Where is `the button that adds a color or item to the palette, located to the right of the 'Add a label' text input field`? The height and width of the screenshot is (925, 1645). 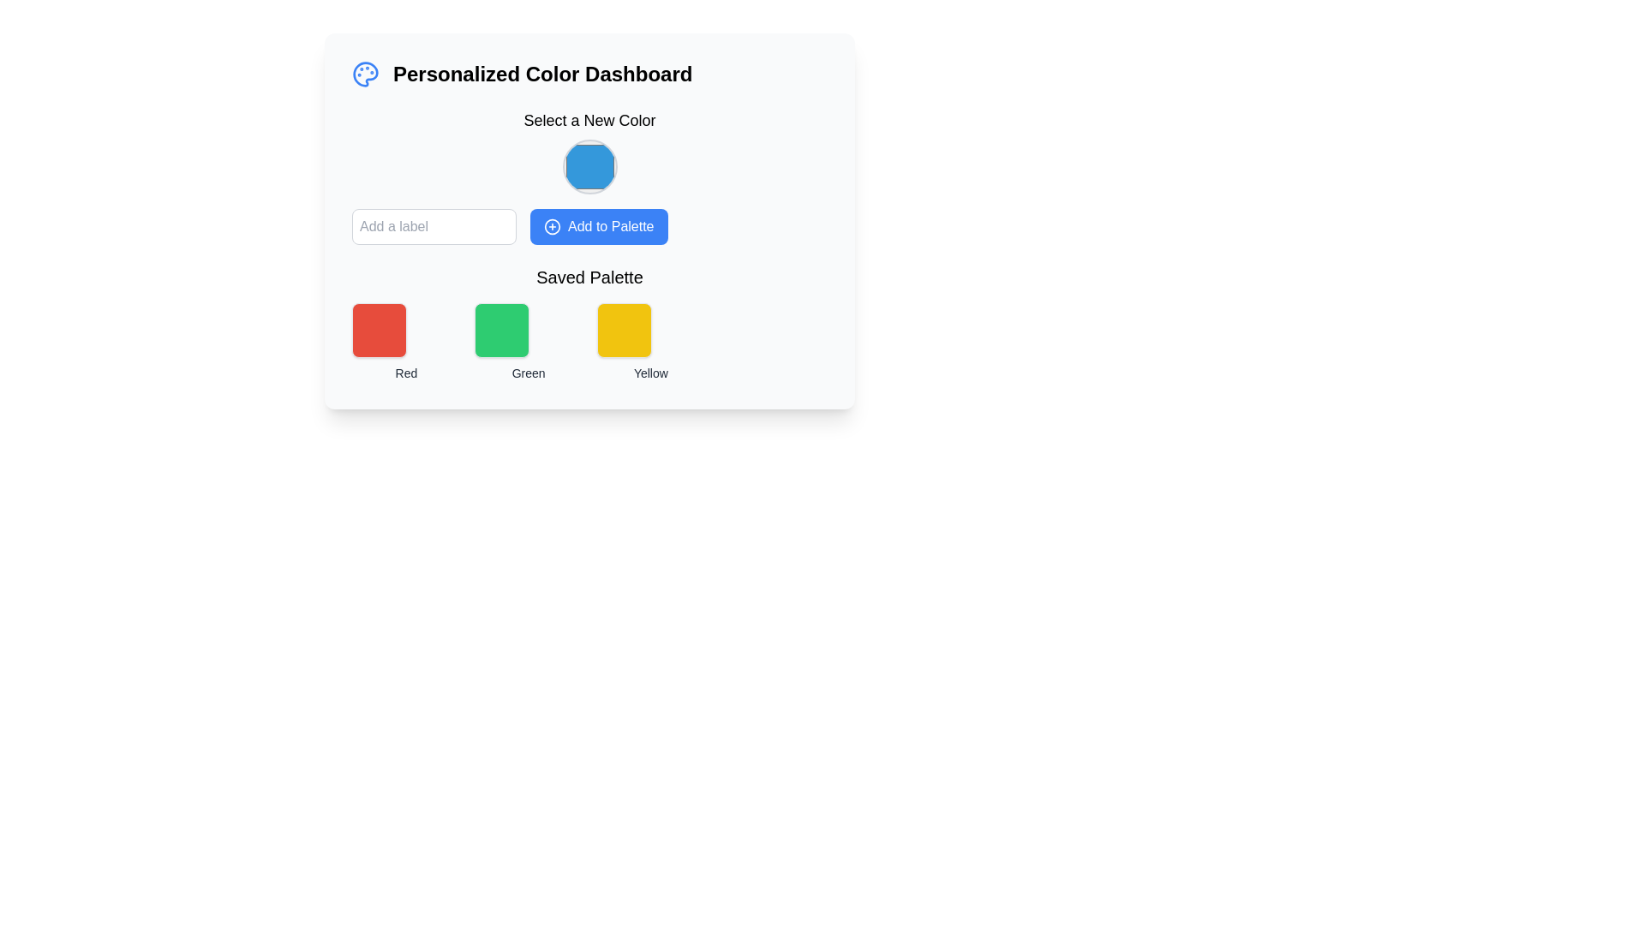
the button that adds a color or item to the palette, located to the right of the 'Add a label' text input field is located at coordinates (599, 226).